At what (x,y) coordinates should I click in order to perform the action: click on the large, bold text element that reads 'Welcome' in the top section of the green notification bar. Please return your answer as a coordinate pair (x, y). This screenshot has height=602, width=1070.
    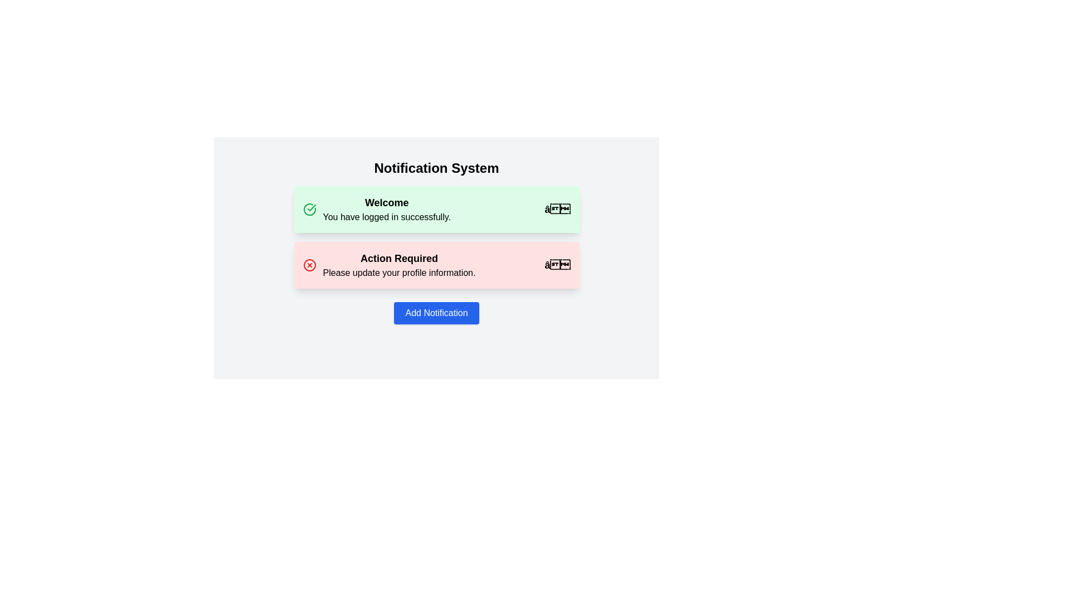
    Looking at the image, I should click on (387, 202).